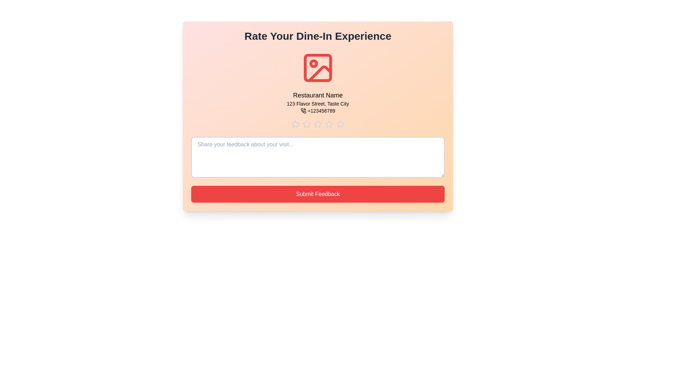  Describe the element at coordinates (329, 124) in the screenshot. I see `the restaurant rating to 4 stars by clicking the respective star` at that location.